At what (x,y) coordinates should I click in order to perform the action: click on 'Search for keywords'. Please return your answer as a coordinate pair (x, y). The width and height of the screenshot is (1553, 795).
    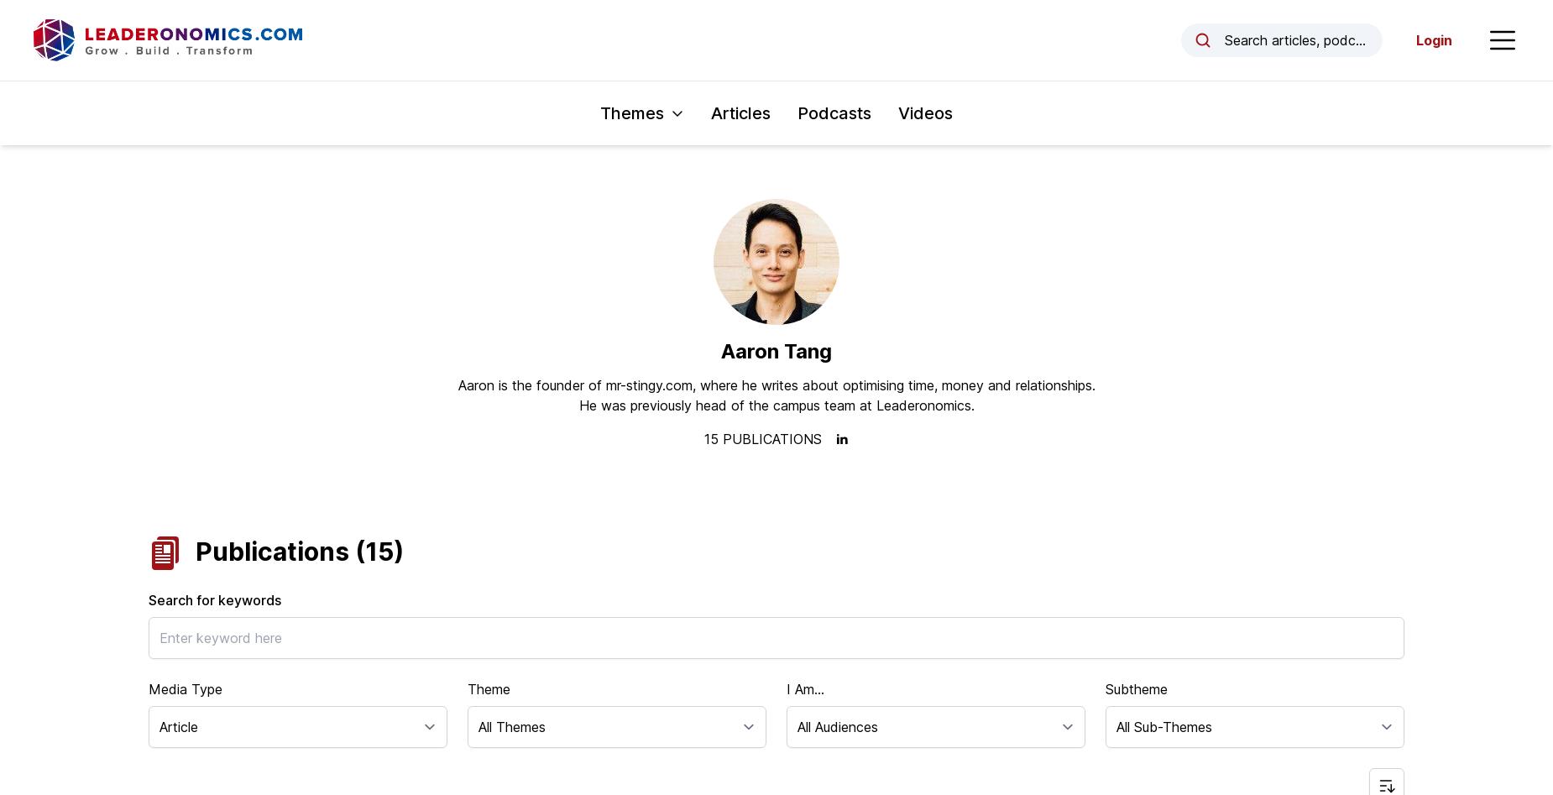
    Looking at the image, I should click on (148, 599).